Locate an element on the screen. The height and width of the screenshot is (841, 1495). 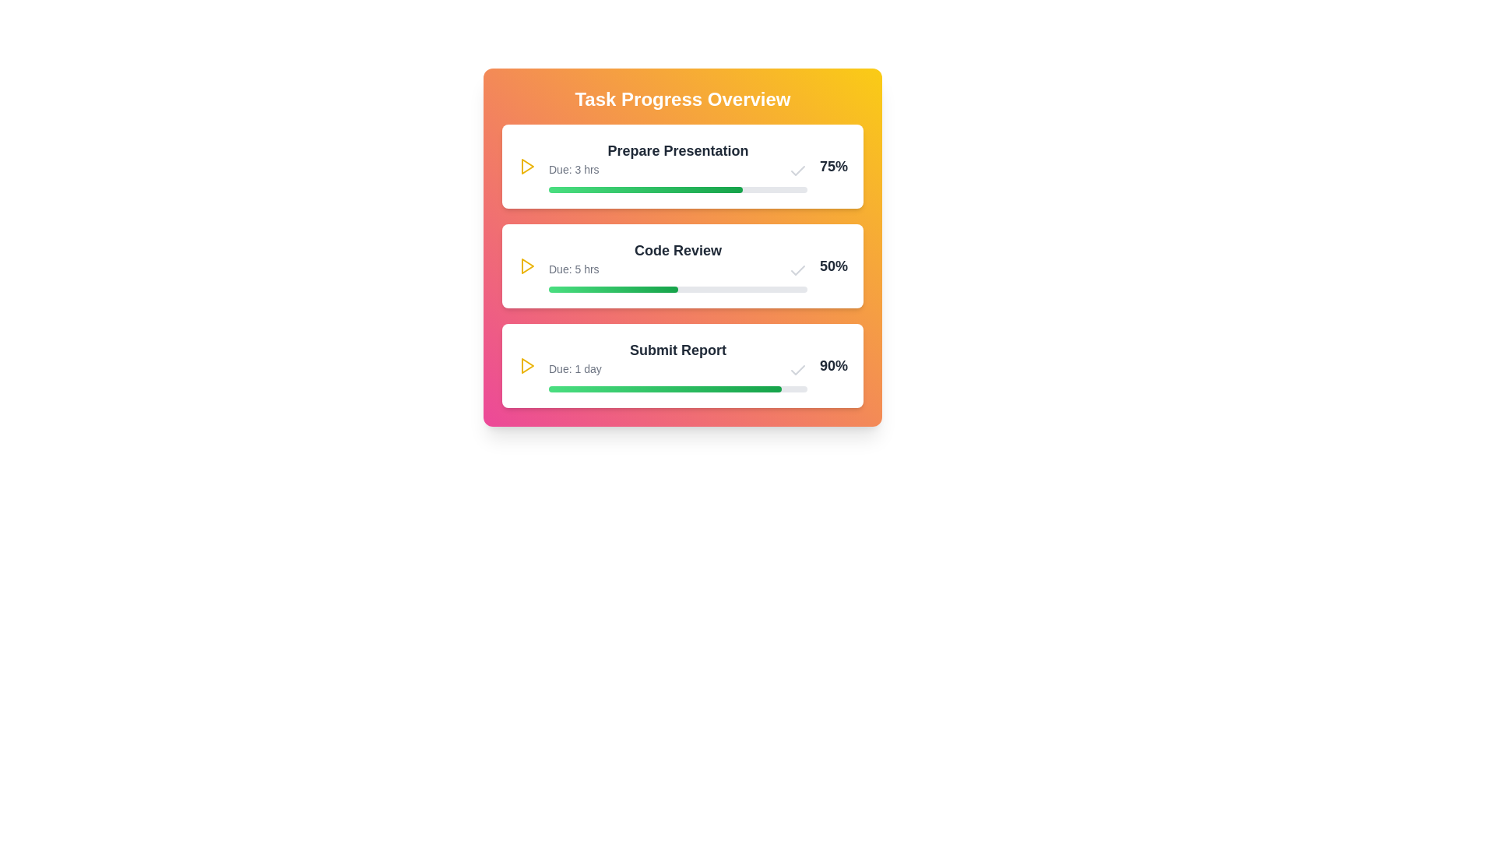
the text label displaying '90%' in bold and large font, located at the far right of the 'Submit Report' section in the 'Task Progress Overview' is located at coordinates (832, 366).